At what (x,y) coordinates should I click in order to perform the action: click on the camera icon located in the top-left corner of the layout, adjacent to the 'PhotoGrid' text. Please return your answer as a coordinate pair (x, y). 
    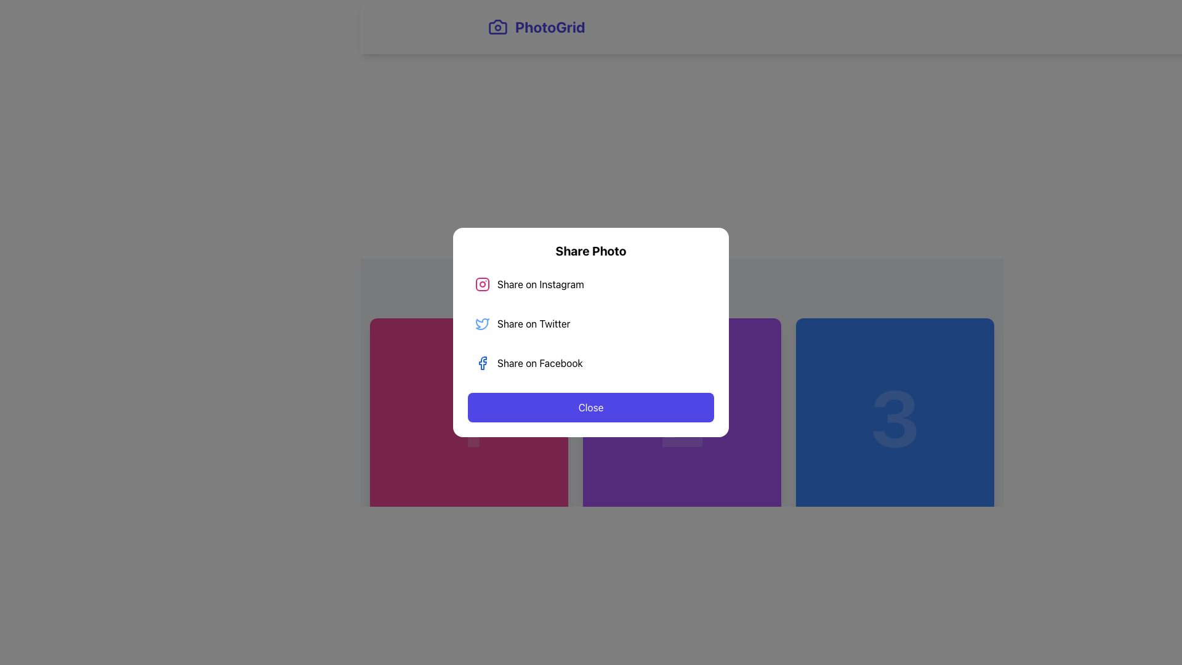
    Looking at the image, I should click on (498, 26).